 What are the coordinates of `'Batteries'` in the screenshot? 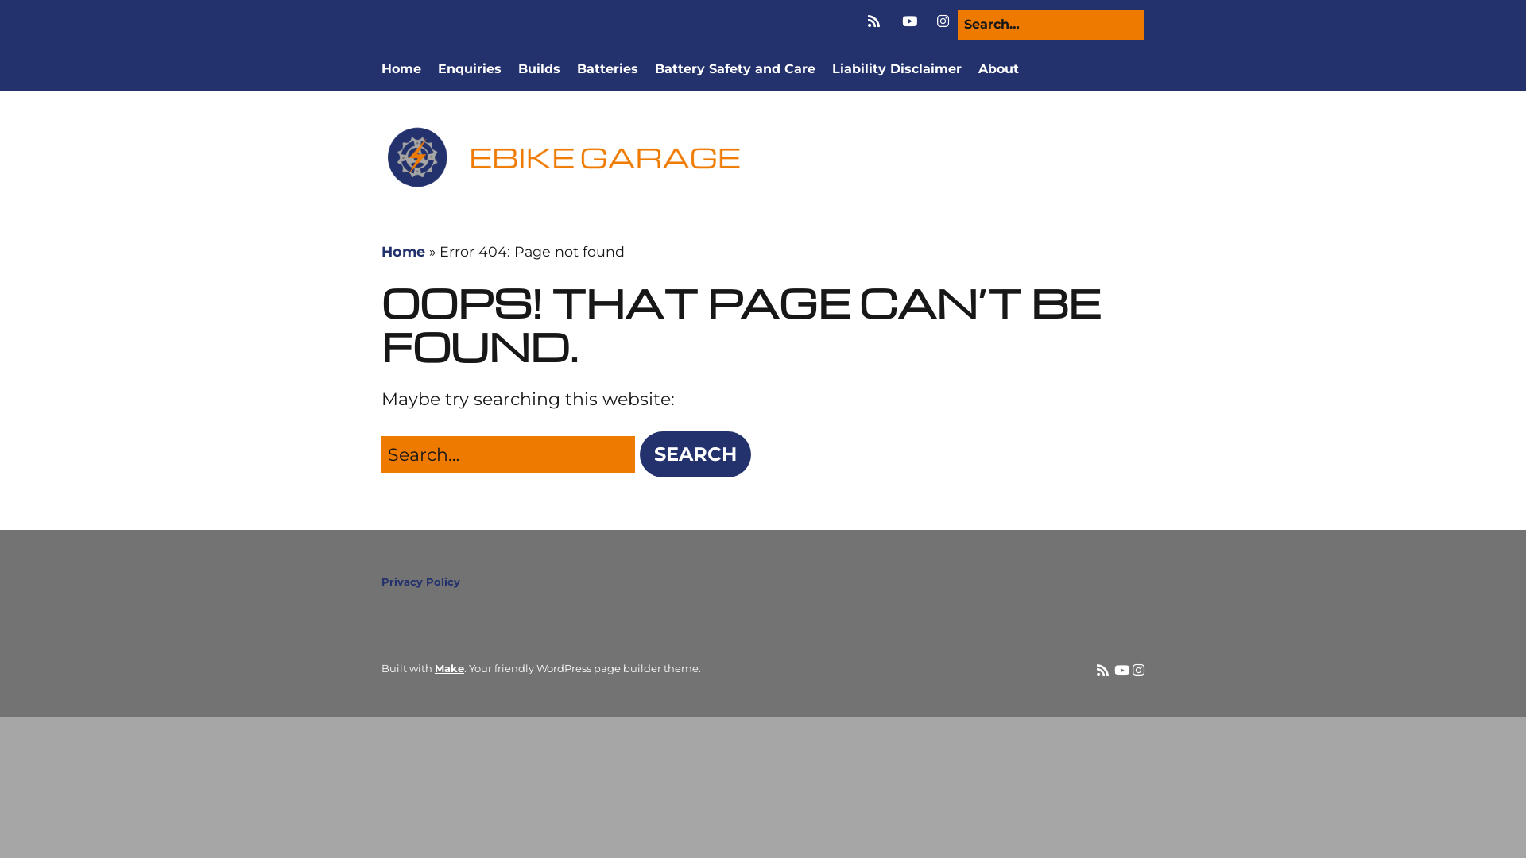 It's located at (606, 68).